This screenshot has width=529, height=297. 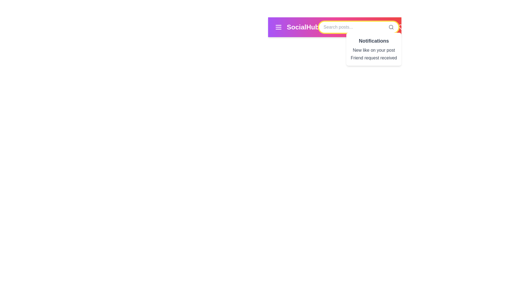 I want to click on the notification bell icon to toggle notifications, so click(x=415, y=27).